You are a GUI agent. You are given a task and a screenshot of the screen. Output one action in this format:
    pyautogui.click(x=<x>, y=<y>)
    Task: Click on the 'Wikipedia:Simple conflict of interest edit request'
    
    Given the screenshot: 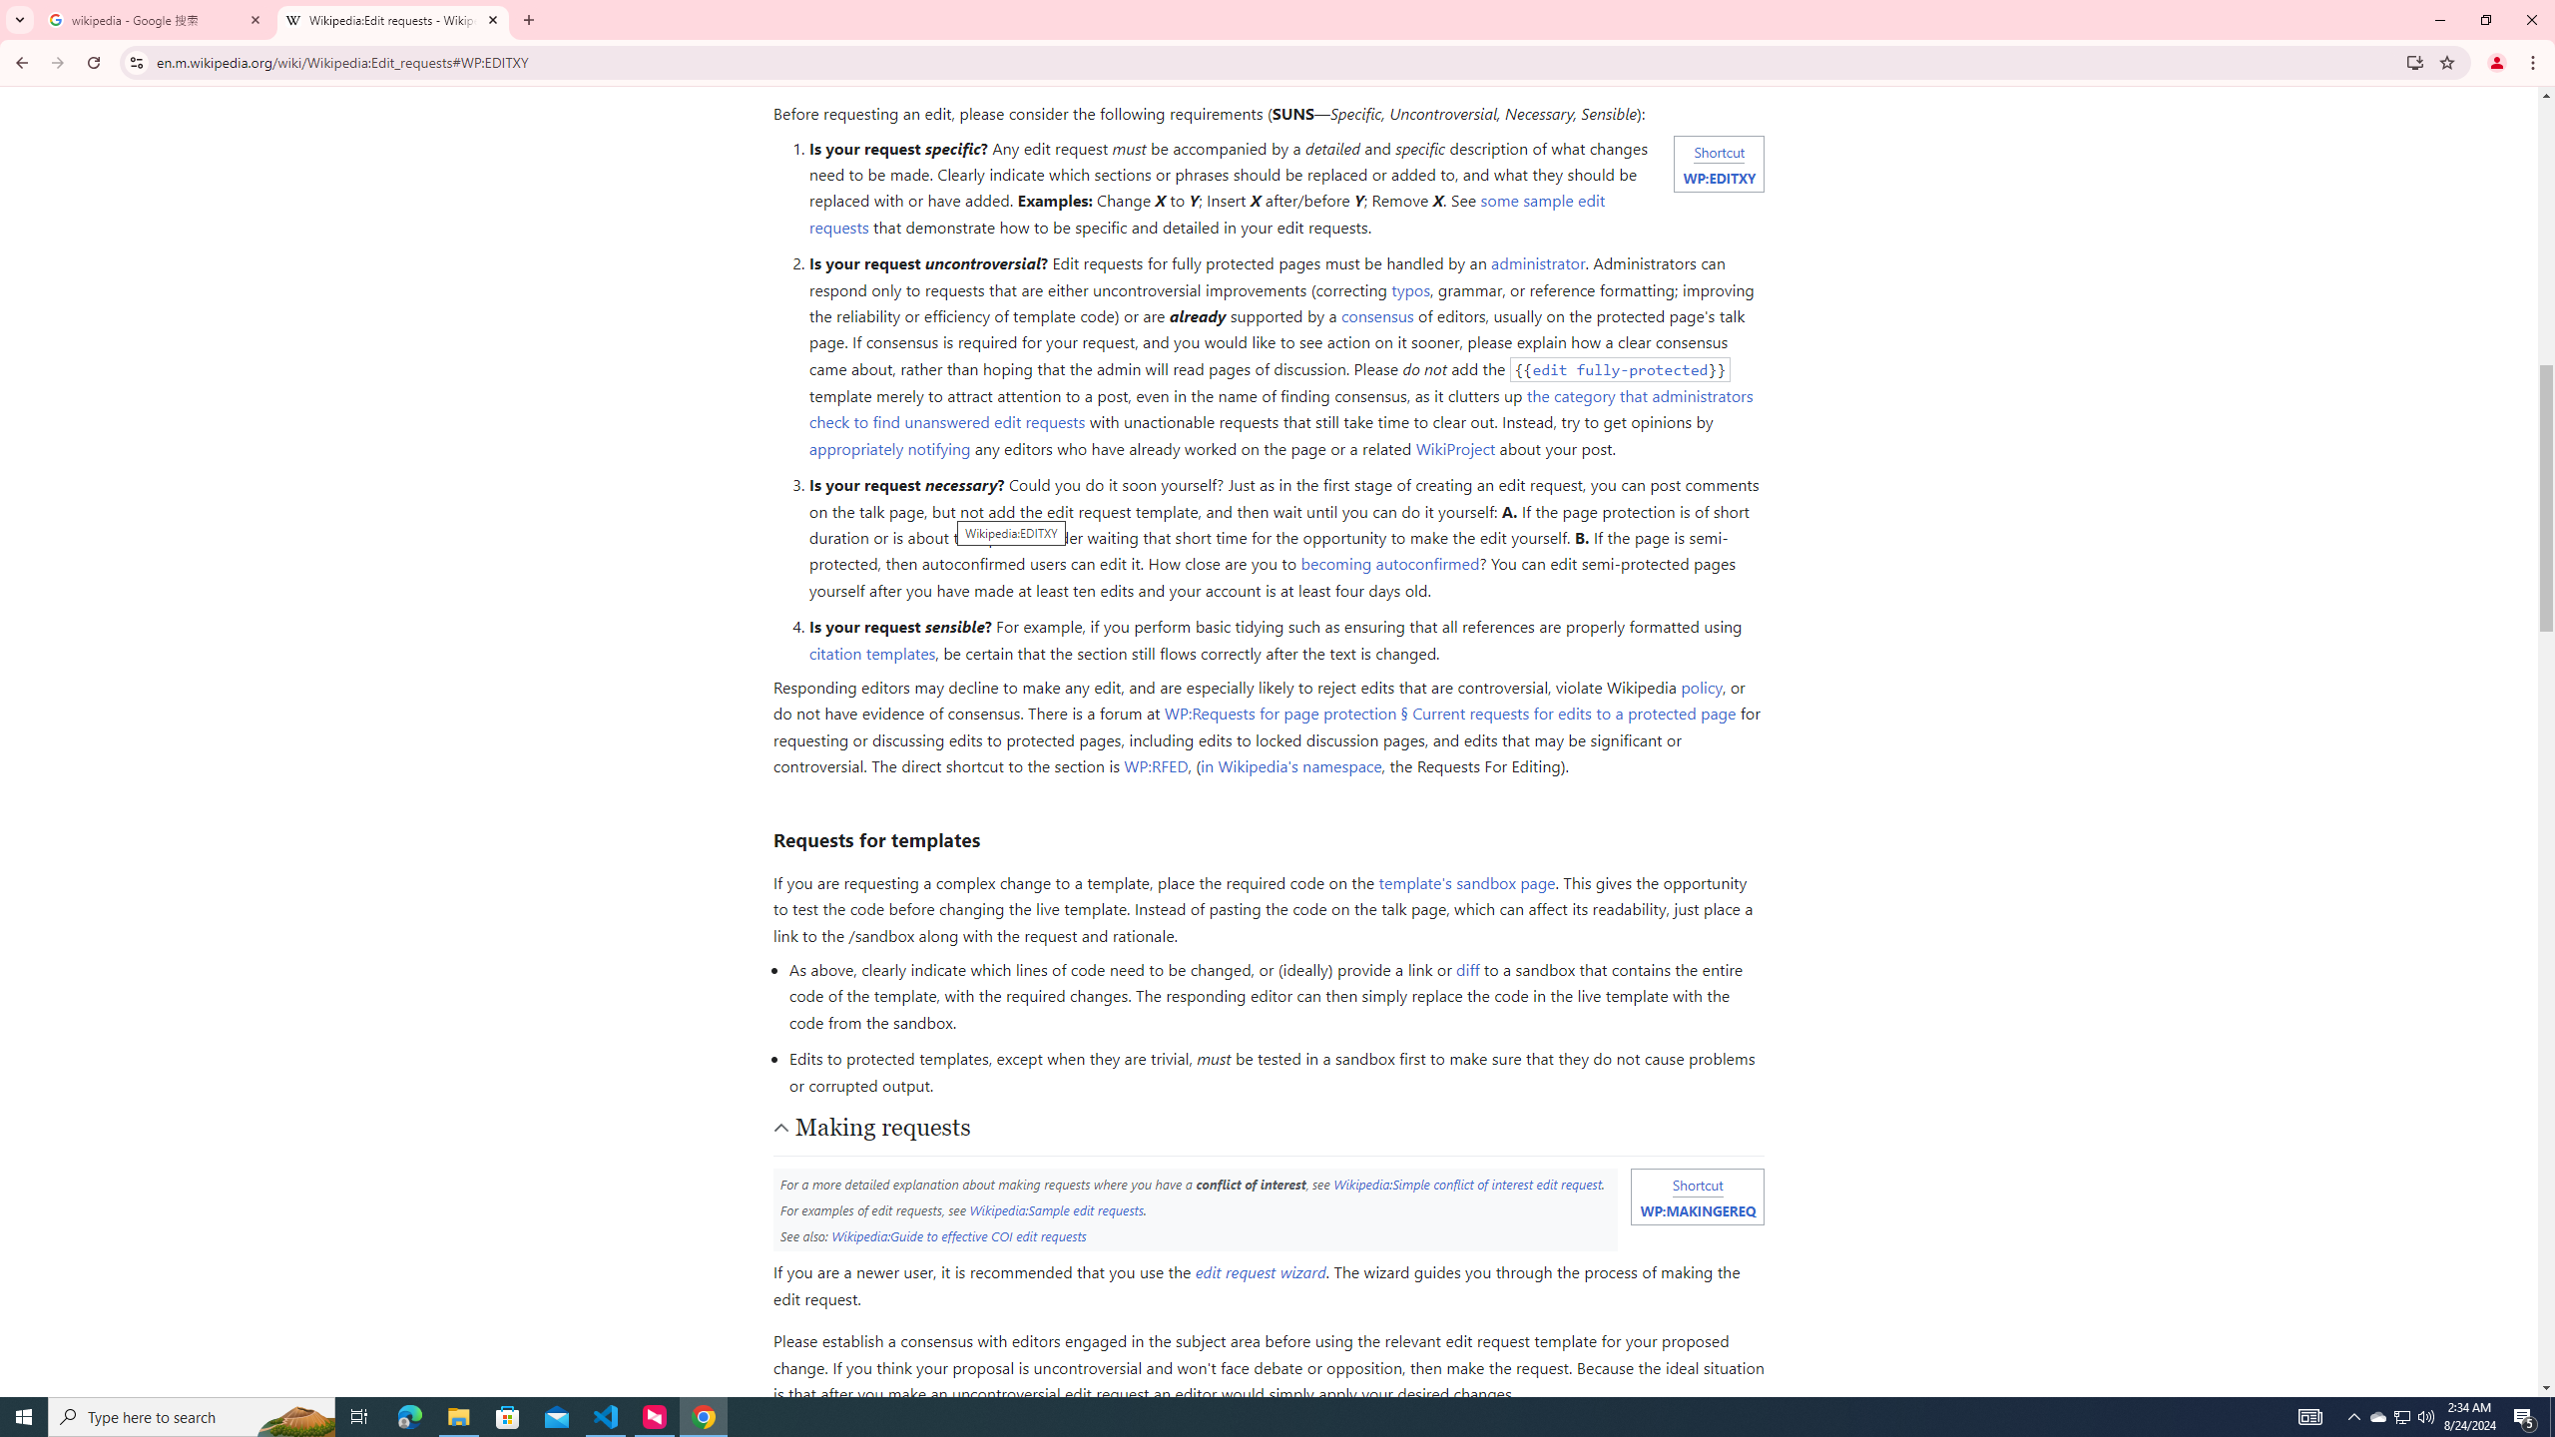 What is the action you would take?
    pyautogui.click(x=1466, y=1185)
    